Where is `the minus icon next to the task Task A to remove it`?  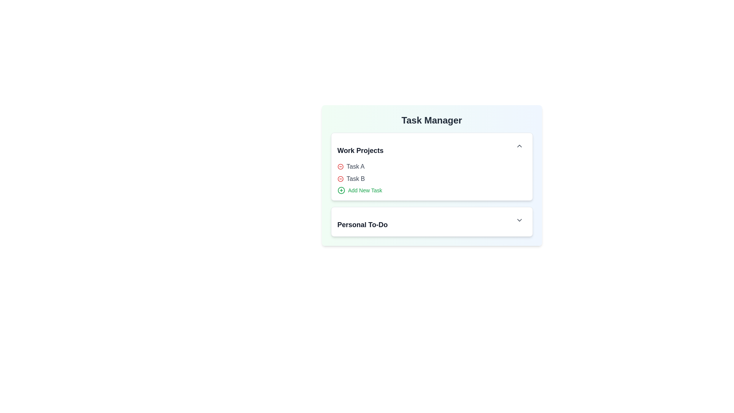
the minus icon next to the task Task A to remove it is located at coordinates (340, 166).